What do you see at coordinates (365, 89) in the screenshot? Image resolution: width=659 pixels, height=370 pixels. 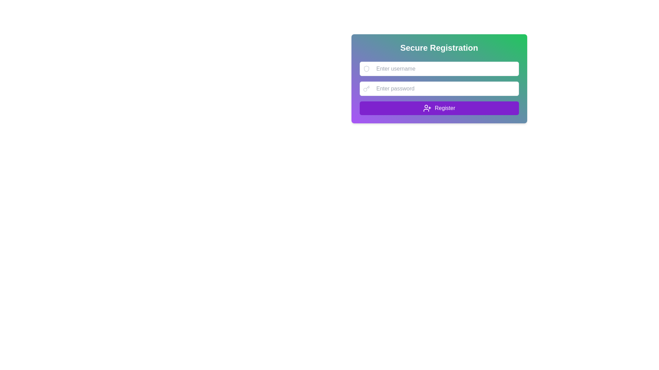 I see `the decorative Icon element located to the left of the 'Enter password' text field in the registration interface` at bounding box center [365, 89].